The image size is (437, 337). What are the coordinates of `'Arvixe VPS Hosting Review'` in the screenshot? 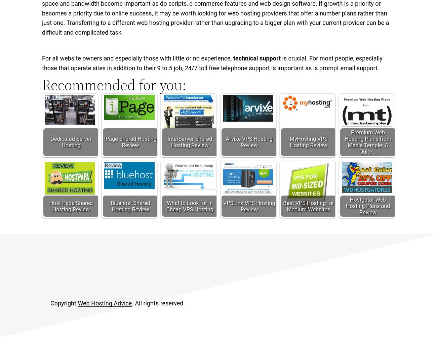 It's located at (225, 142).